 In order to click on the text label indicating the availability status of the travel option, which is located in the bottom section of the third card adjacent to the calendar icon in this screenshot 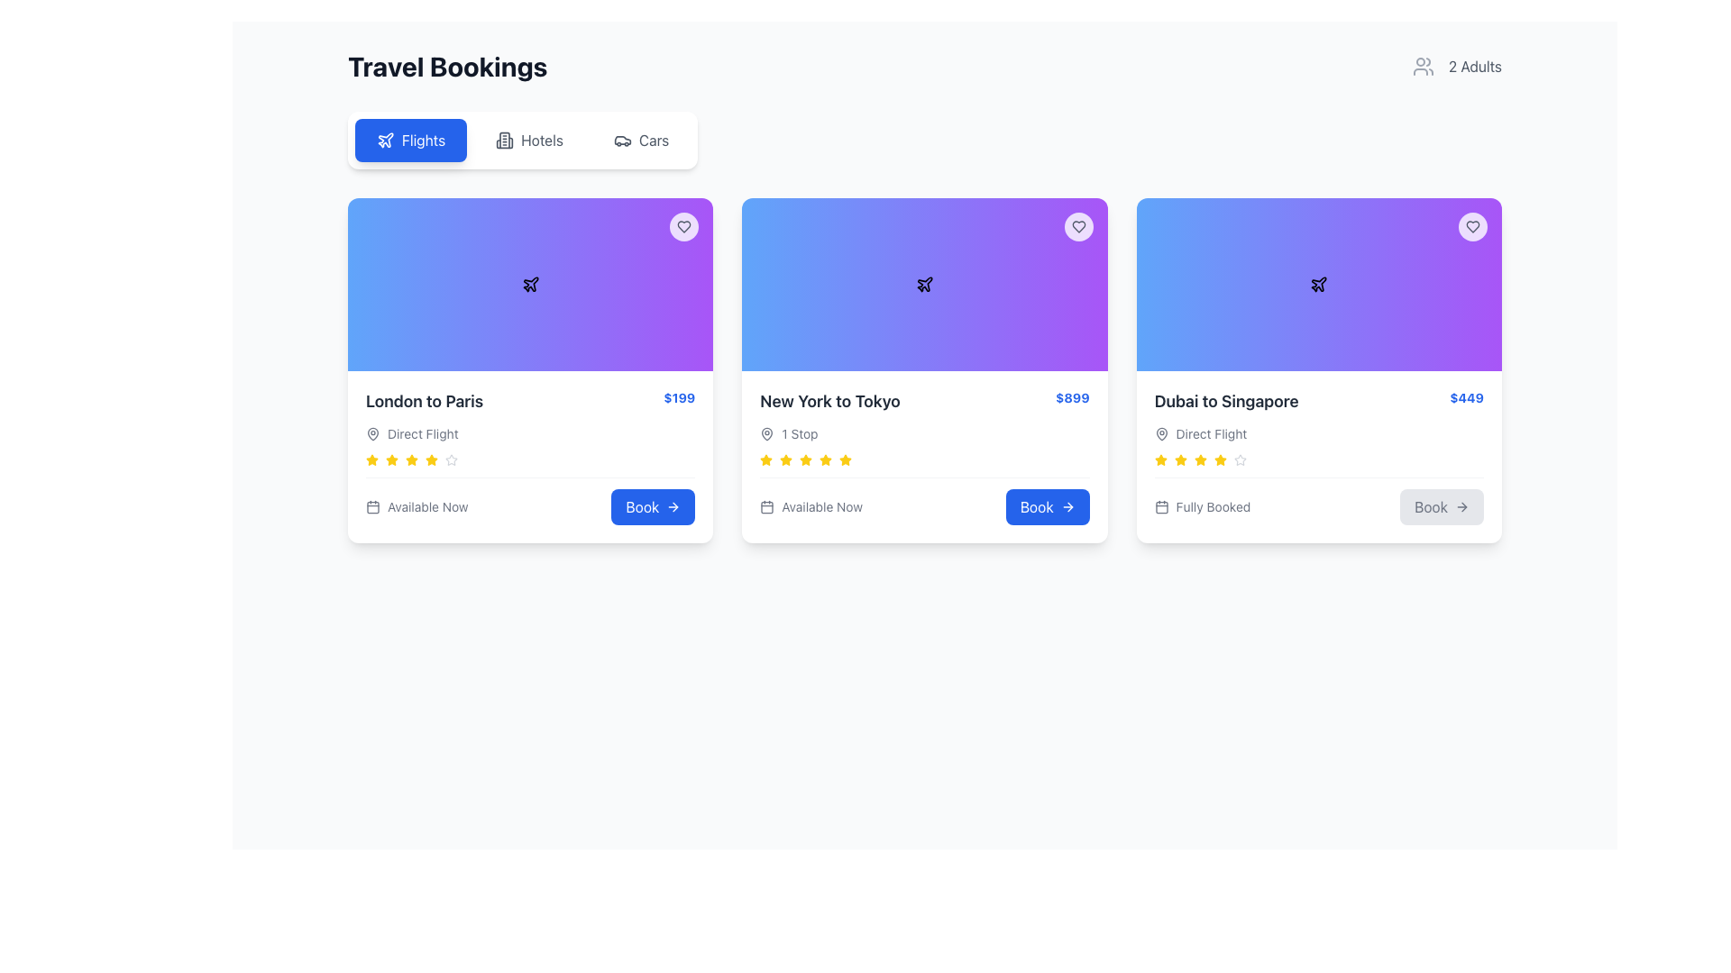, I will do `click(1213, 507)`.